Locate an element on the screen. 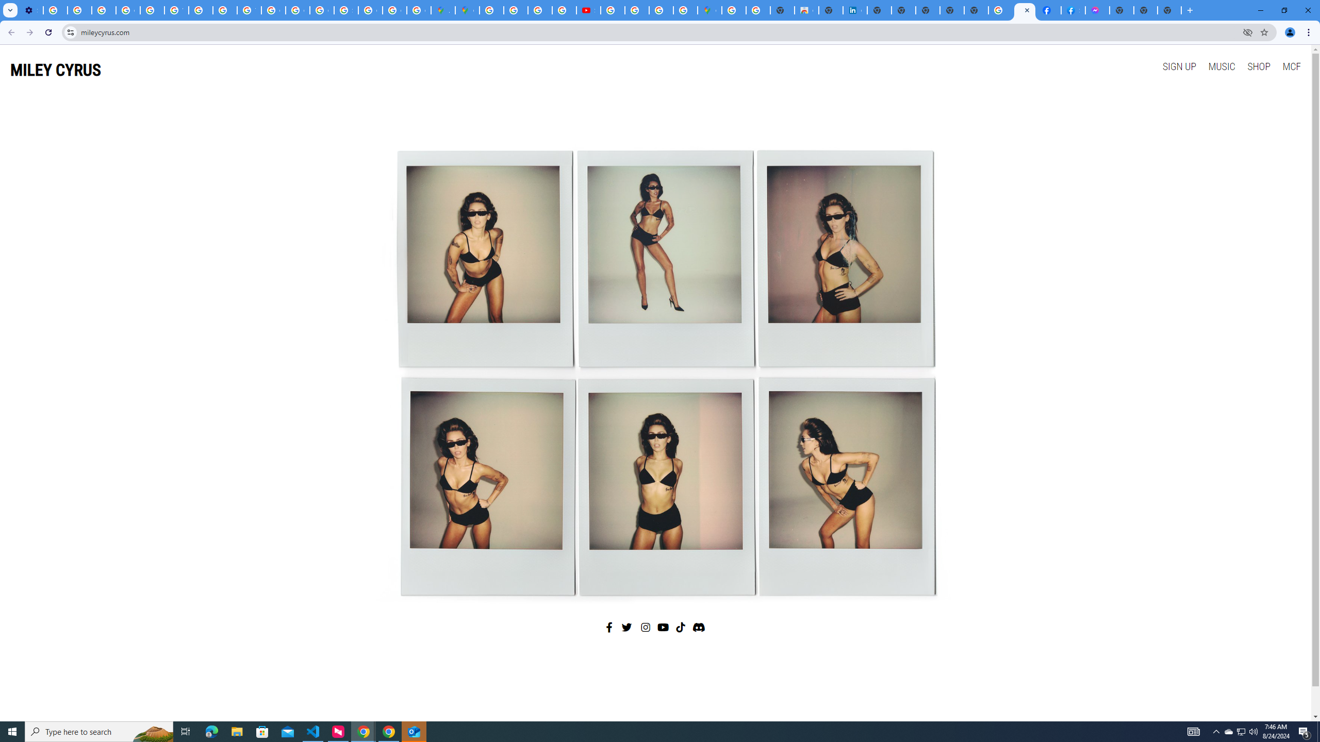  'Privacy Help Center - Policies Help' is located at coordinates (225, 10).